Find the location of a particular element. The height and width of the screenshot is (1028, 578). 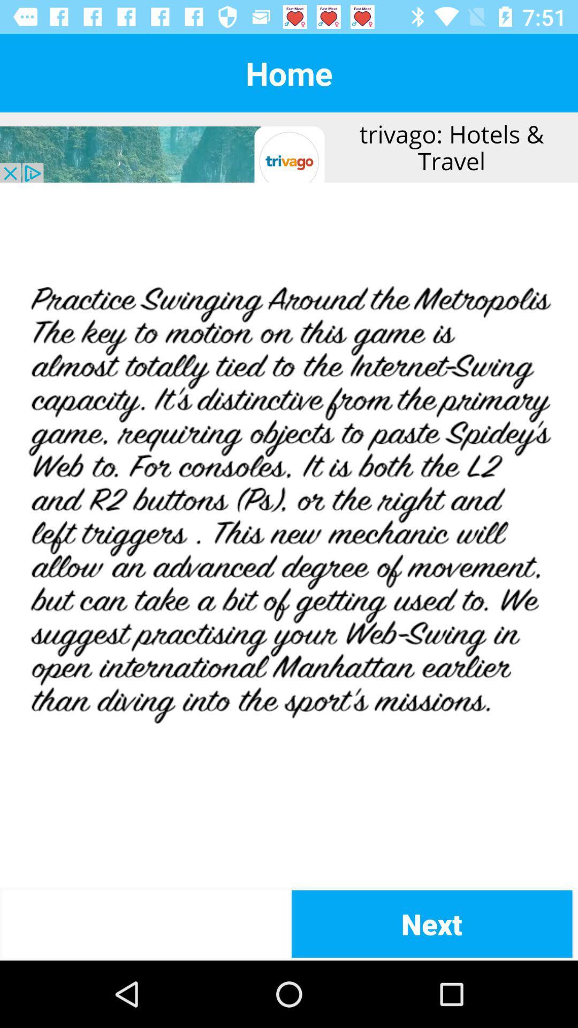

the add is located at coordinates (289, 535).